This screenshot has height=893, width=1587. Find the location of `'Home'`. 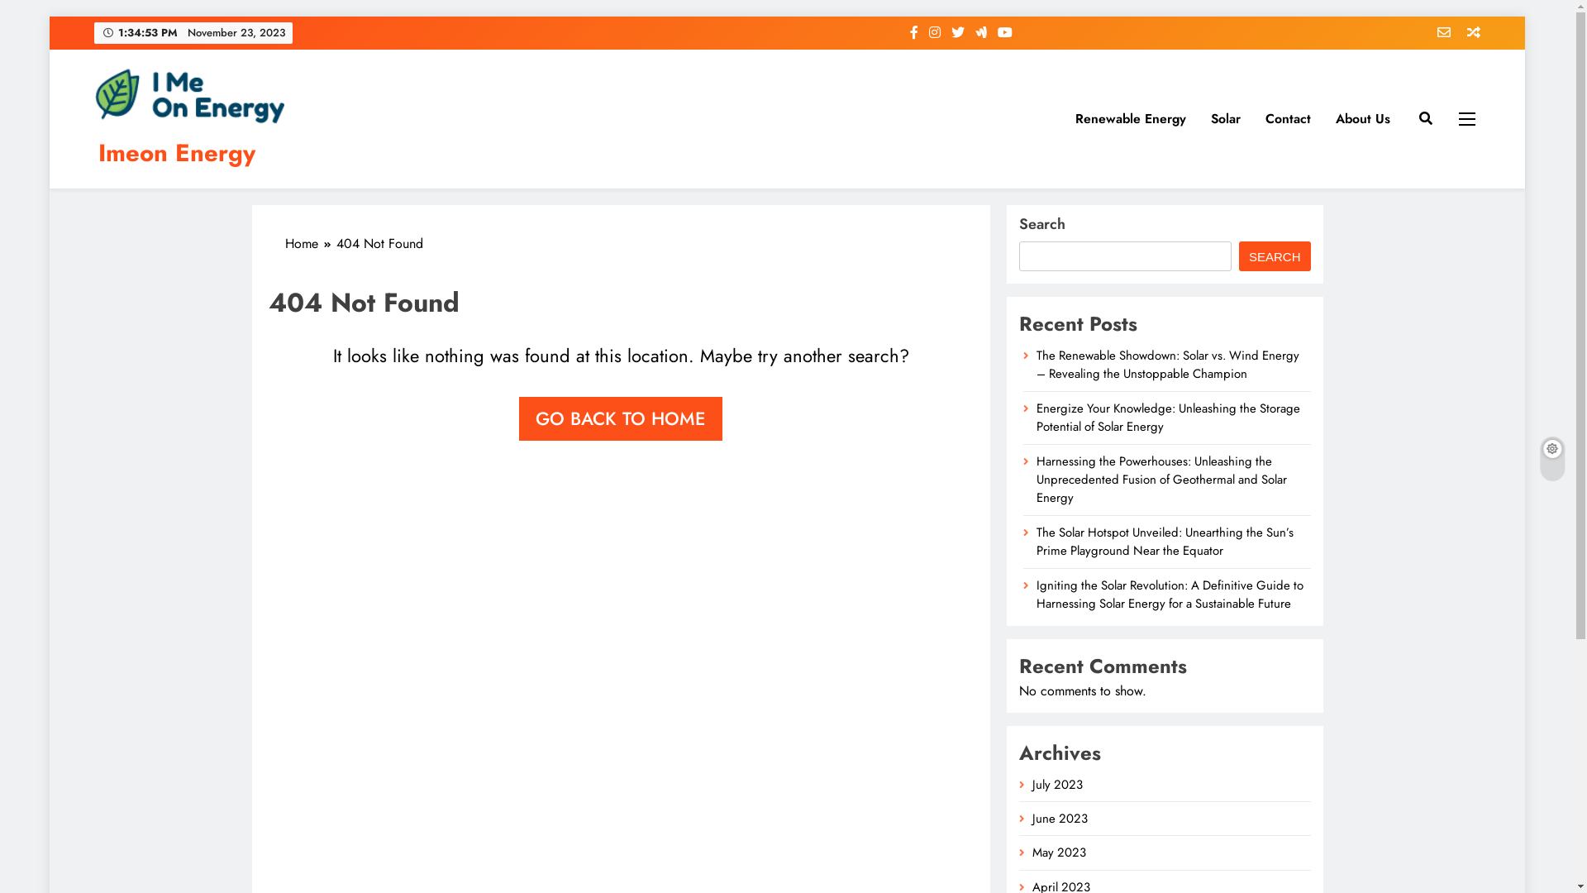

'Home' is located at coordinates (309, 243).